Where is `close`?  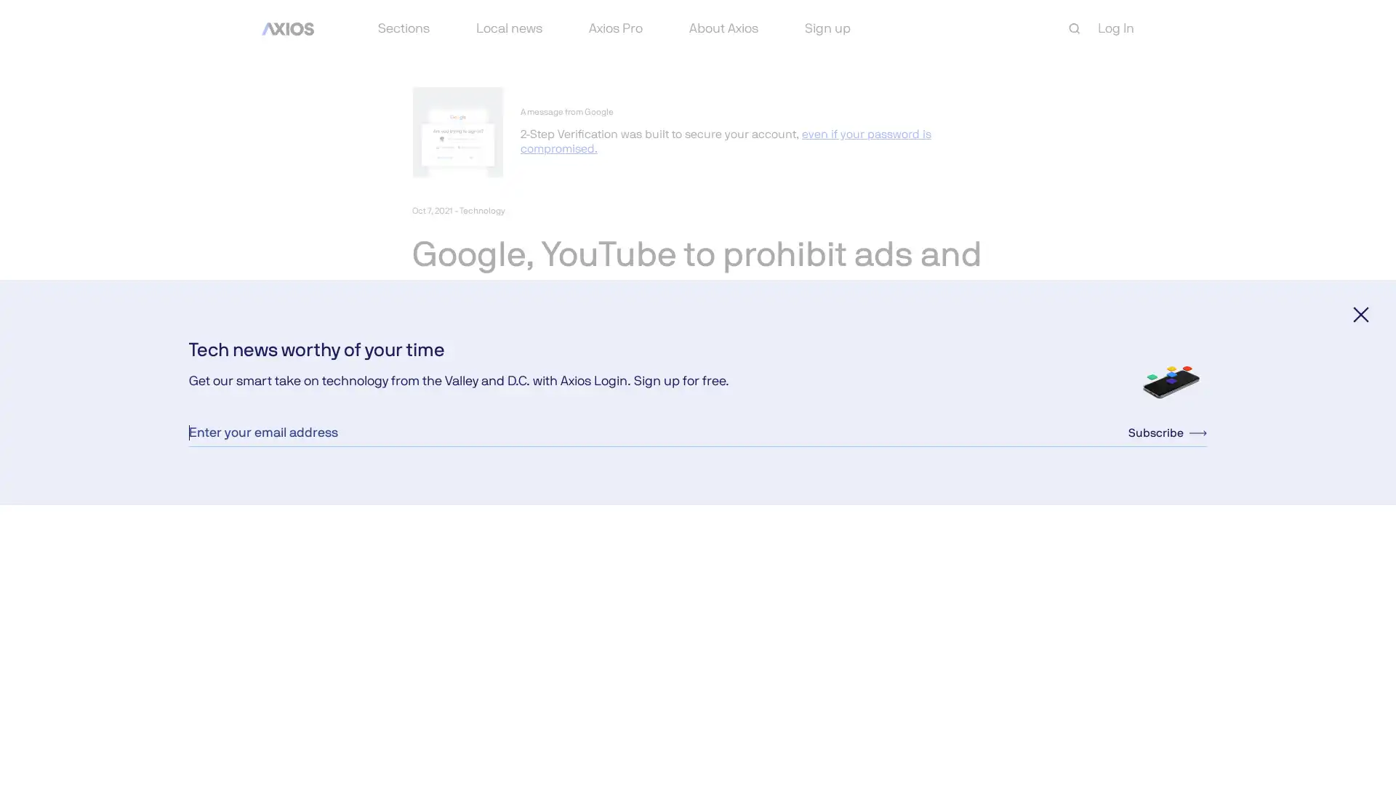 close is located at coordinates (1360, 313).